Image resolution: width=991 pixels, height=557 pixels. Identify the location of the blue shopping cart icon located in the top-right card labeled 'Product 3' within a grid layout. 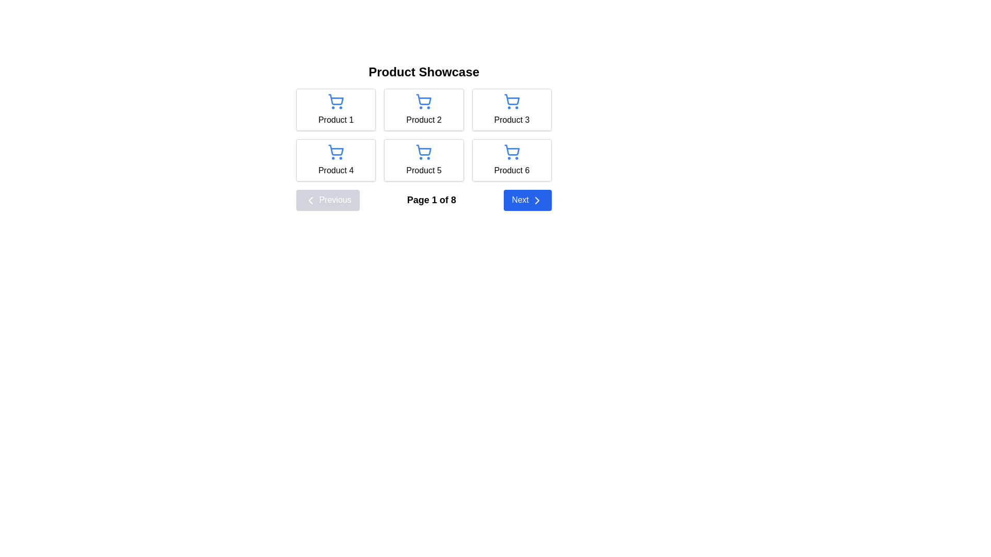
(512, 101).